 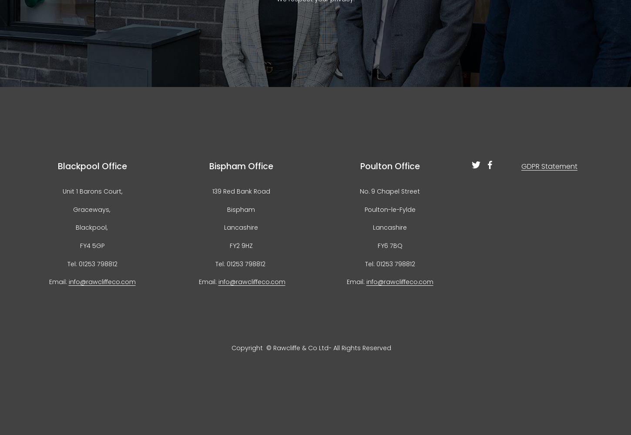 What do you see at coordinates (389, 191) in the screenshot?
I see `'No. 9 Chapel Street'` at bounding box center [389, 191].